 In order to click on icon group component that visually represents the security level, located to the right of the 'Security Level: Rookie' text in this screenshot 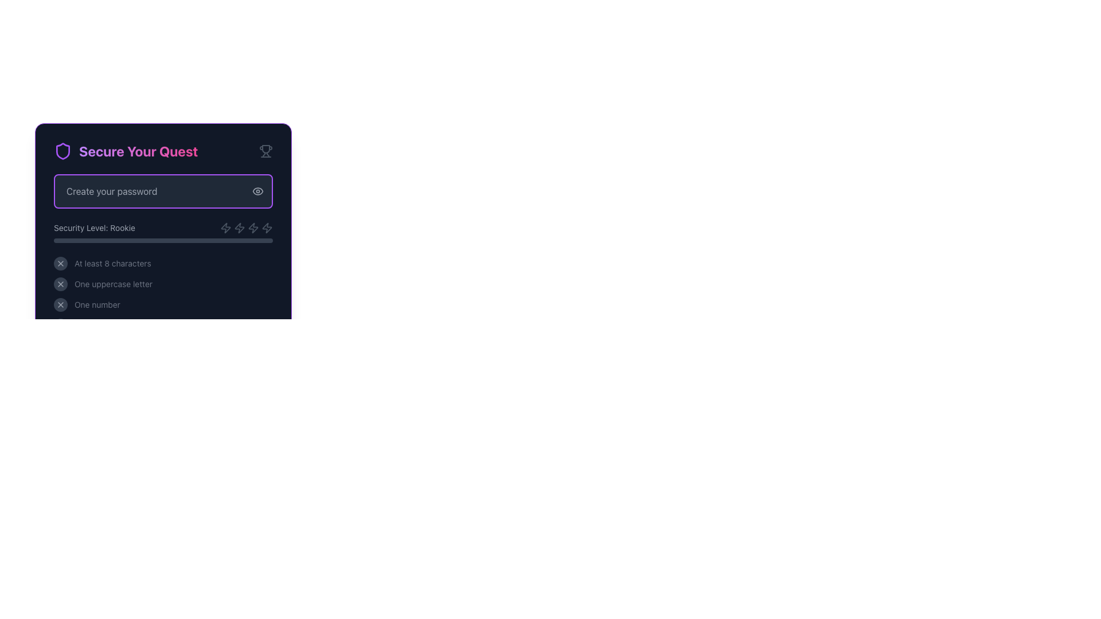, I will do `click(246, 228)`.